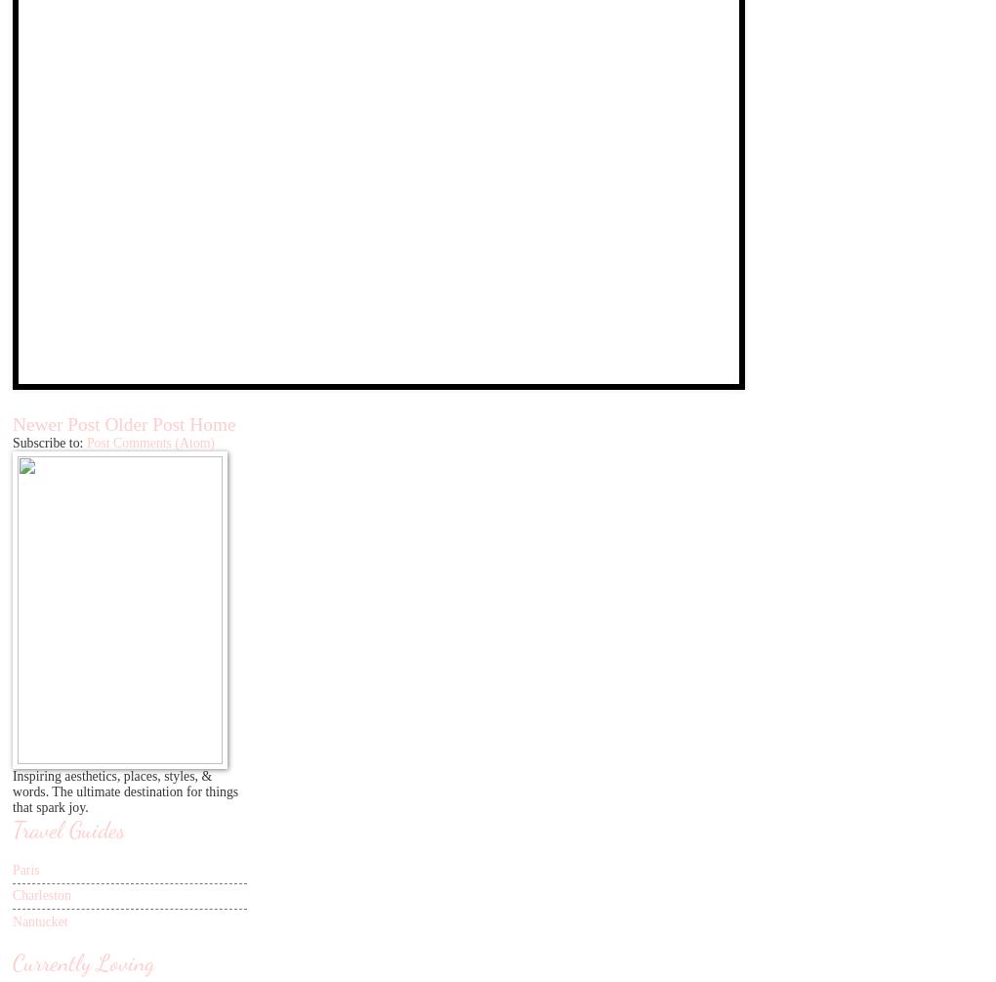 The width and height of the screenshot is (996, 982). Describe the element at coordinates (11, 894) in the screenshot. I see `'Charleston'` at that location.